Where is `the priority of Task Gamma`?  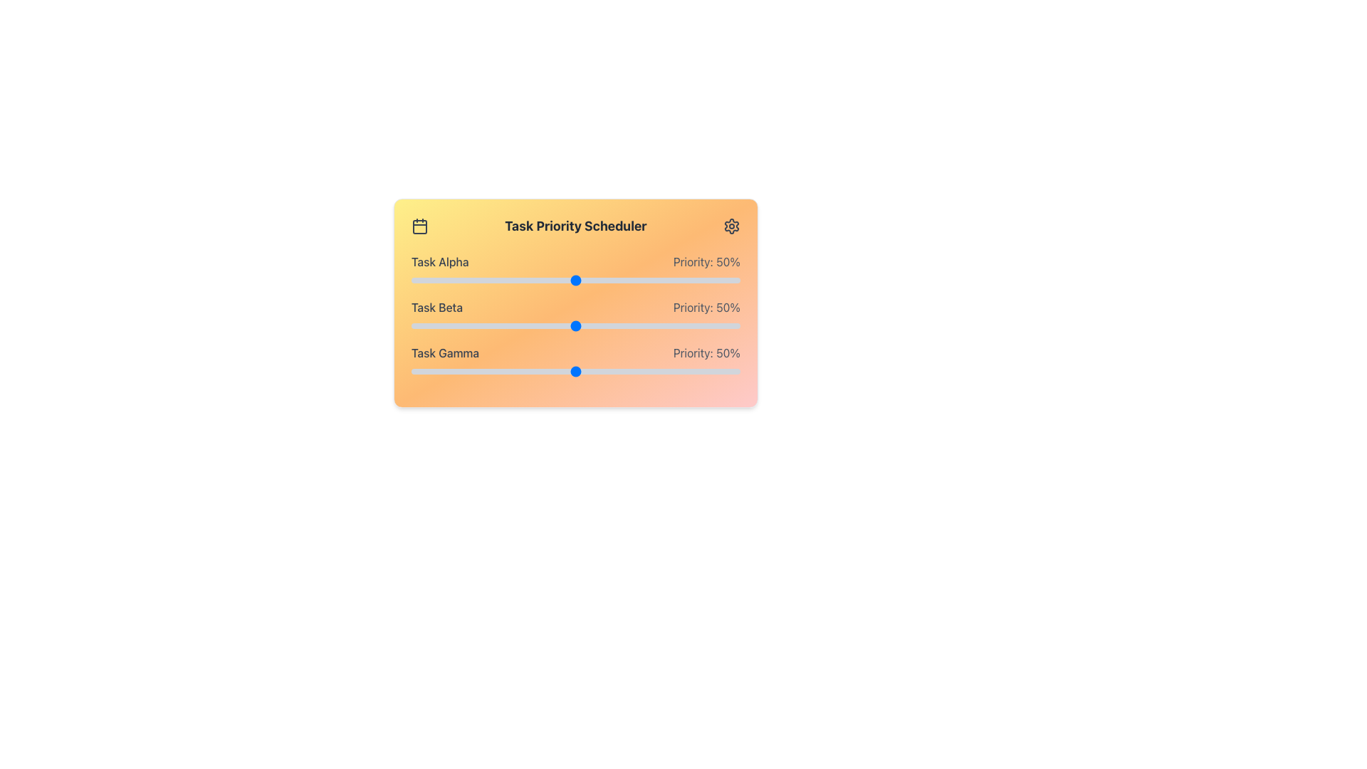 the priority of Task Gamma is located at coordinates (730, 370).